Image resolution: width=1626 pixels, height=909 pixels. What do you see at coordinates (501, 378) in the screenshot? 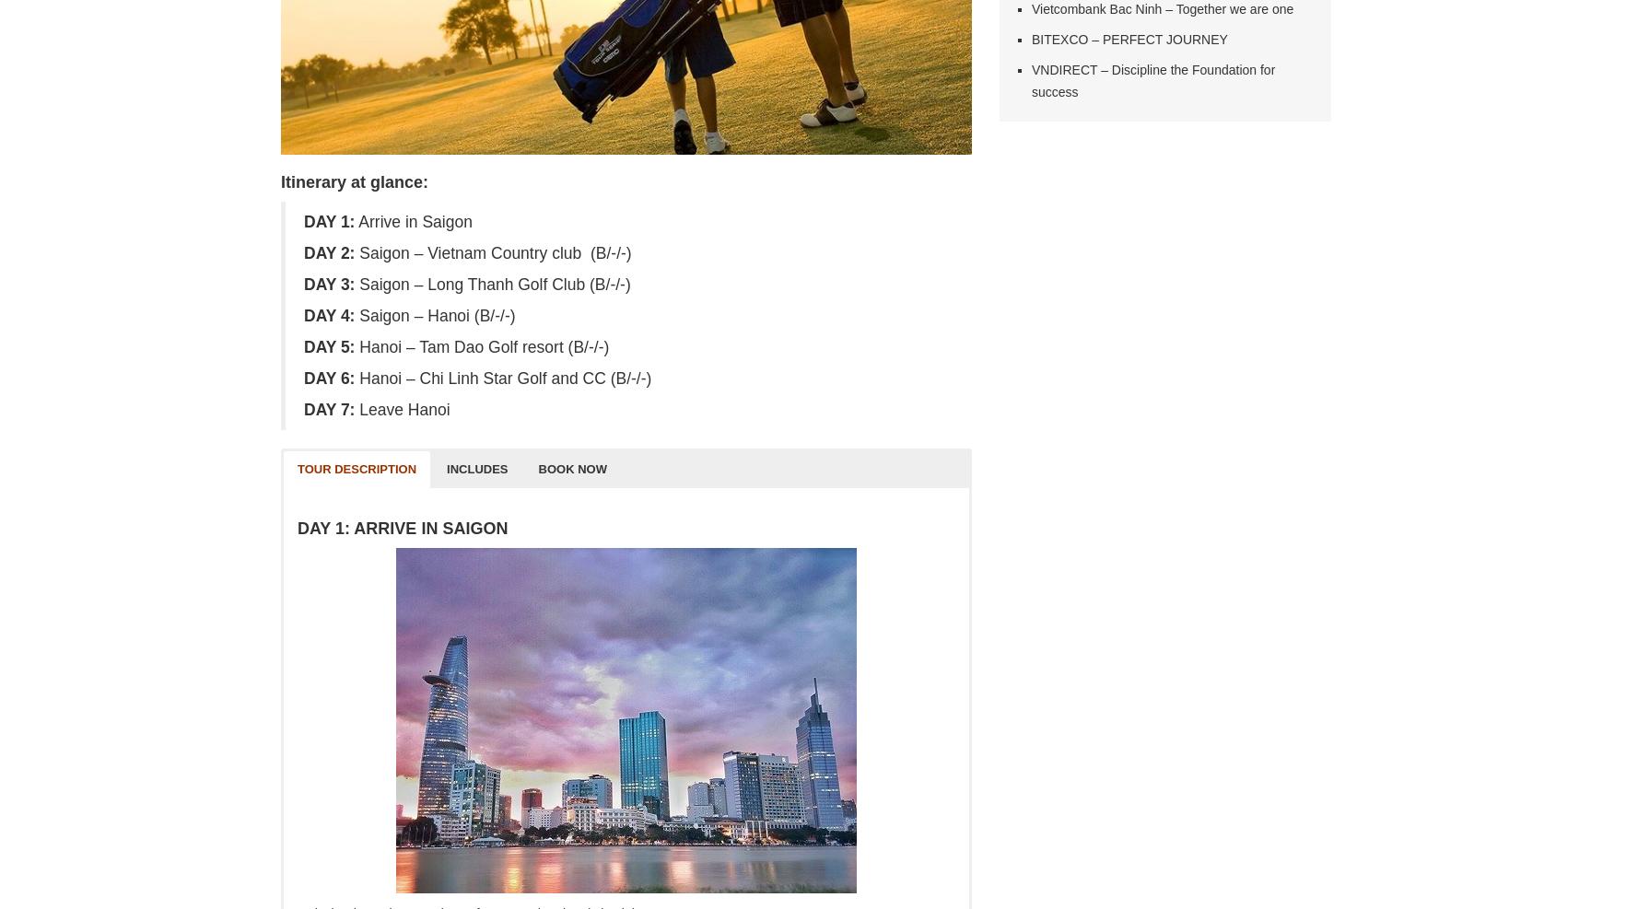
I see `'Hanoi – Chi Linh Star Golf and CC (B/-/-)'` at bounding box center [501, 378].